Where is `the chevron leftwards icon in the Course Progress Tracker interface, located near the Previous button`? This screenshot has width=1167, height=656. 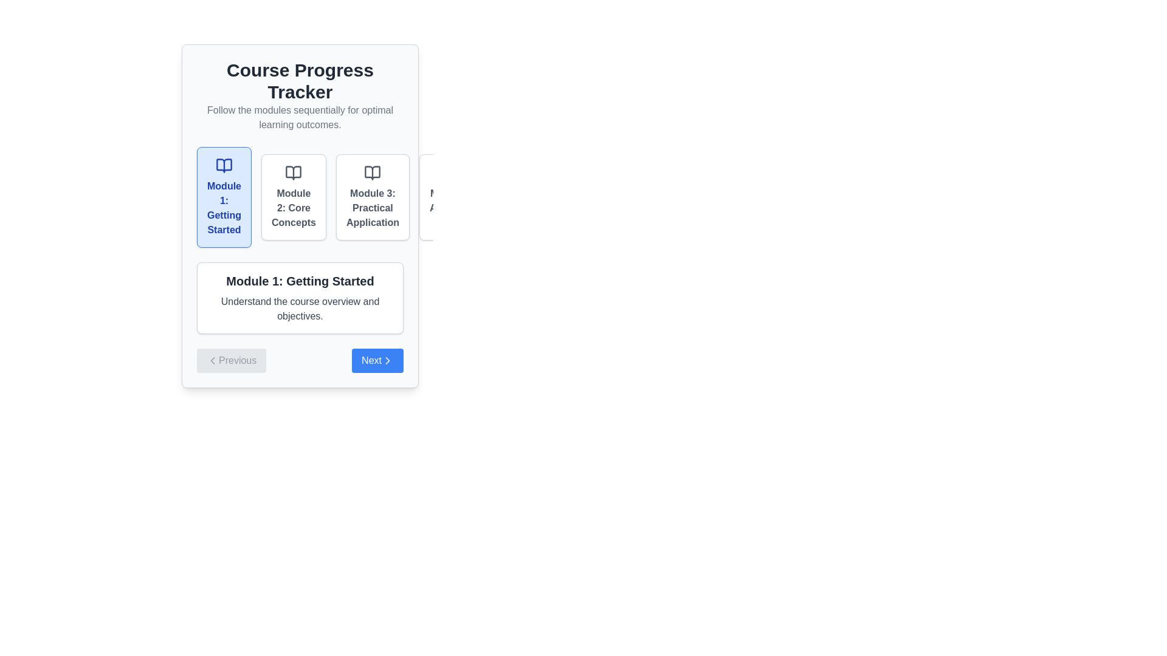
the chevron leftwards icon in the Course Progress Tracker interface, located near the Previous button is located at coordinates (213, 360).